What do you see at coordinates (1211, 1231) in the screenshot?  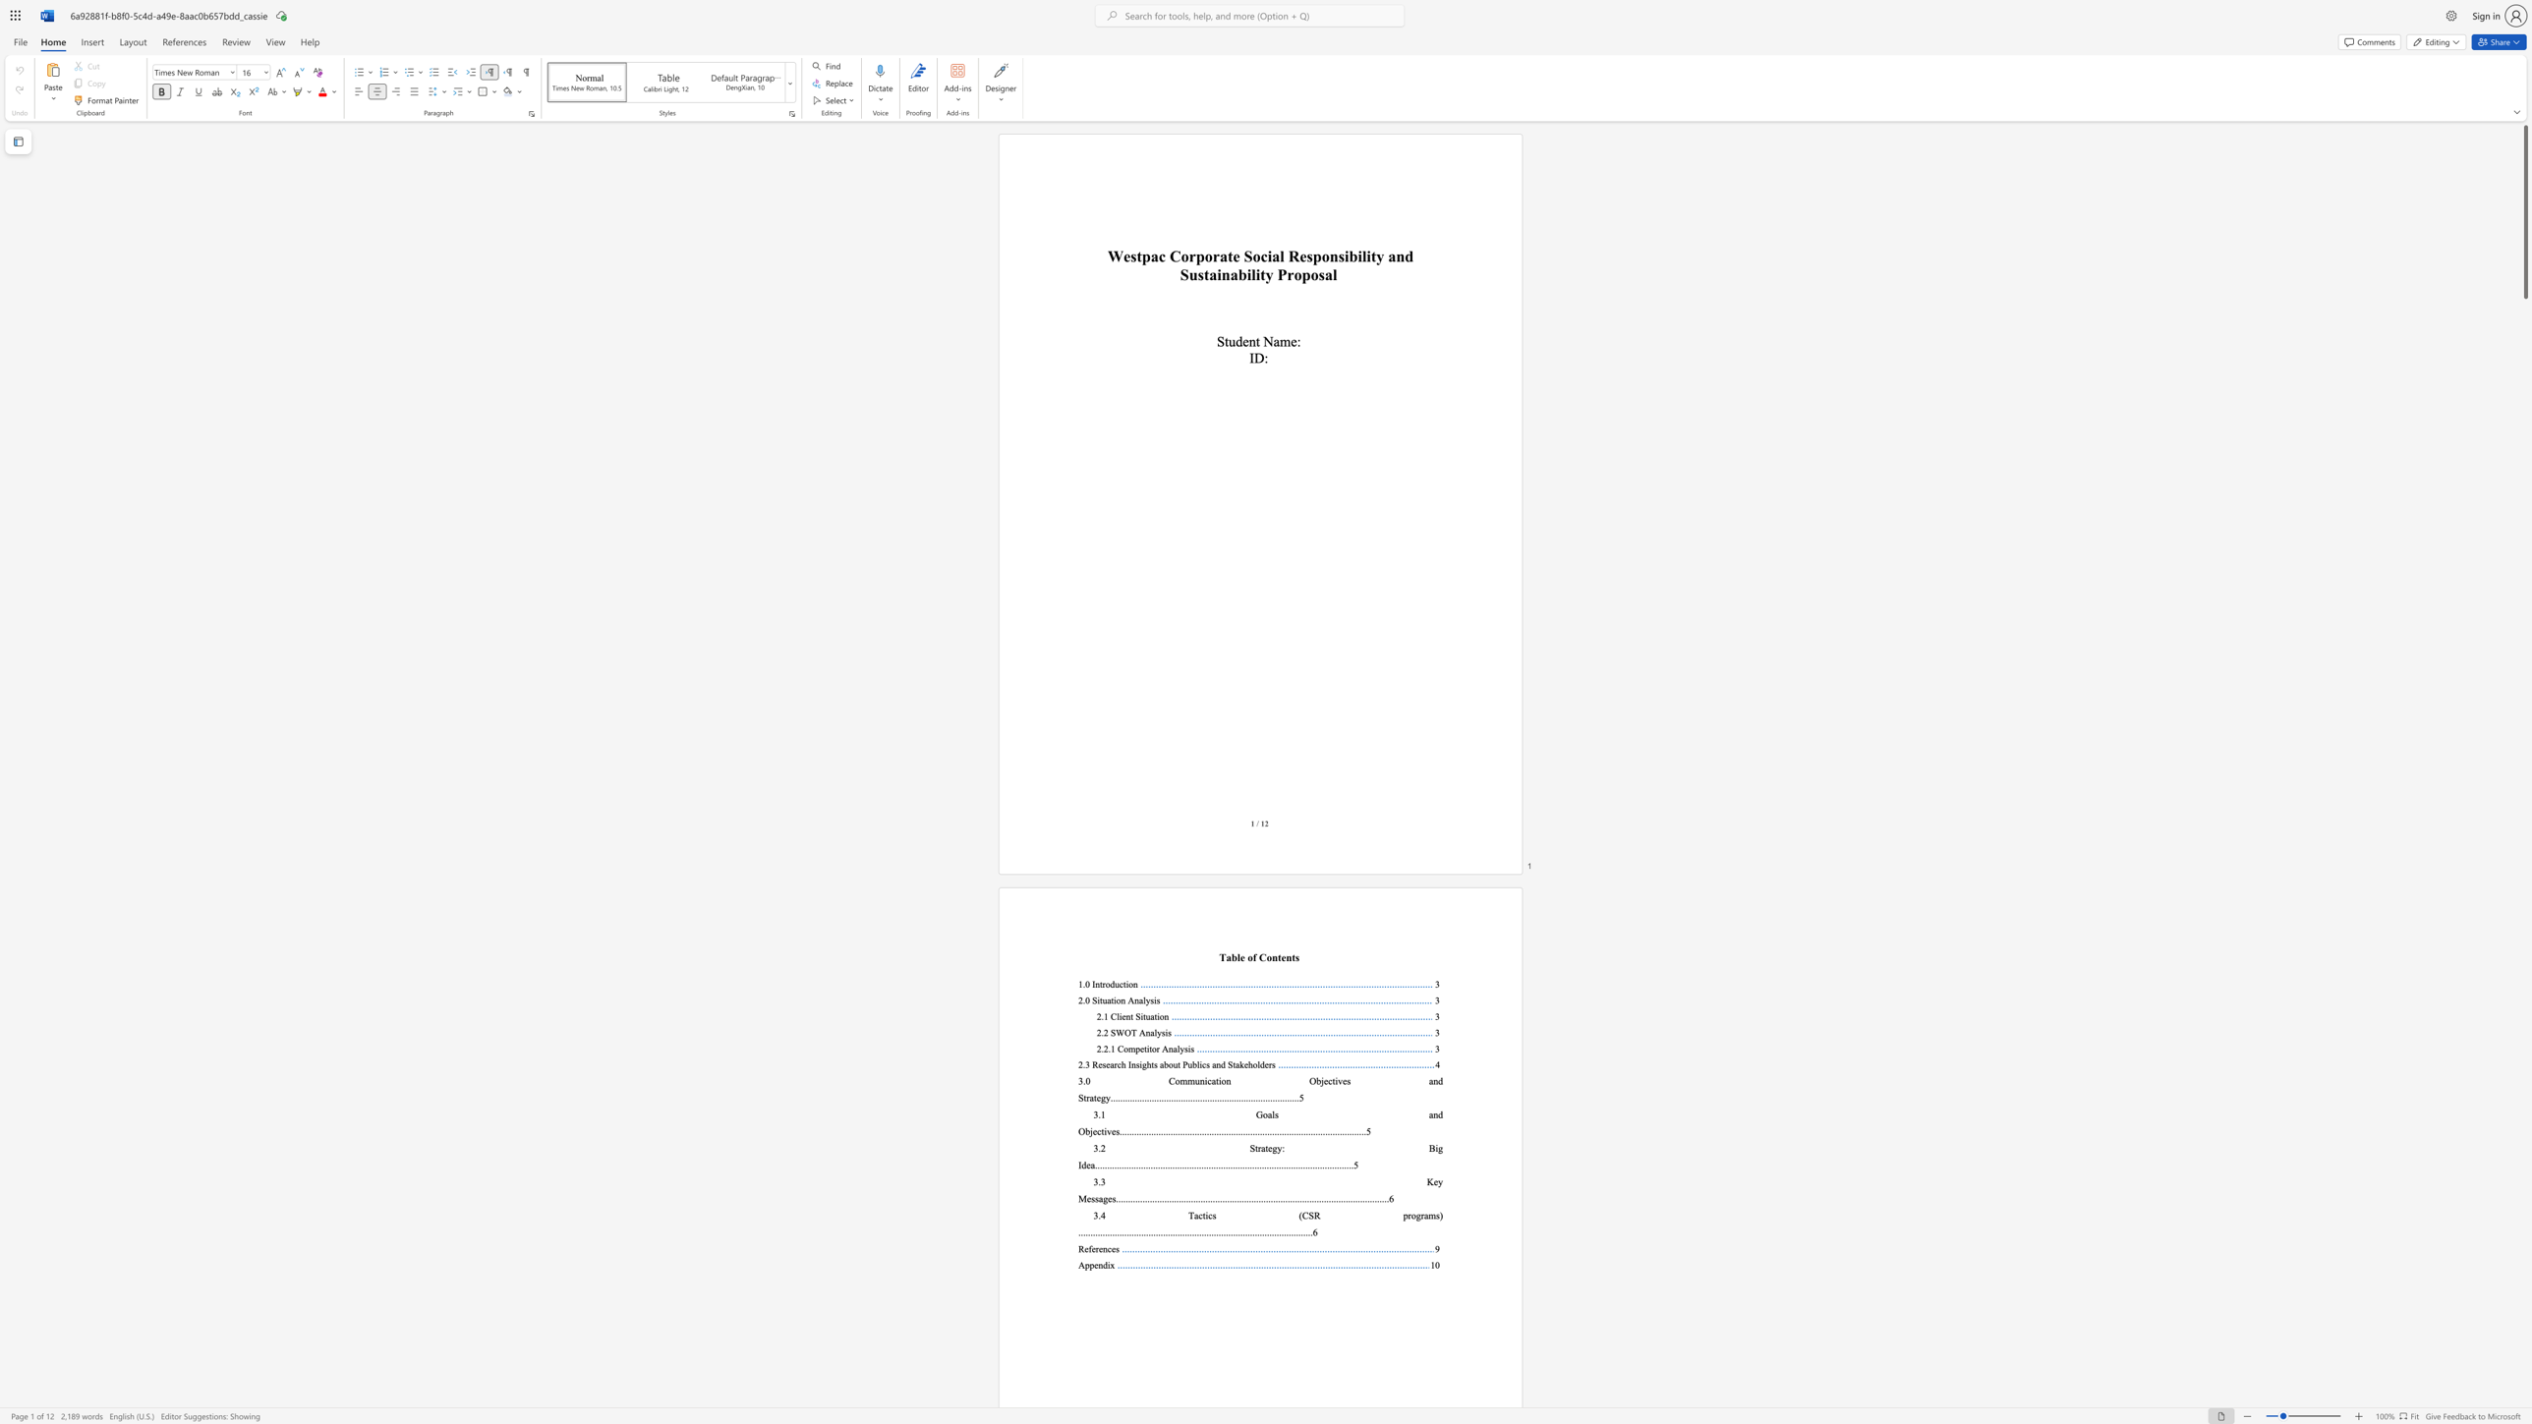 I see `the subset text "....................." within the text "................................................................................................."` at bounding box center [1211, 1231].